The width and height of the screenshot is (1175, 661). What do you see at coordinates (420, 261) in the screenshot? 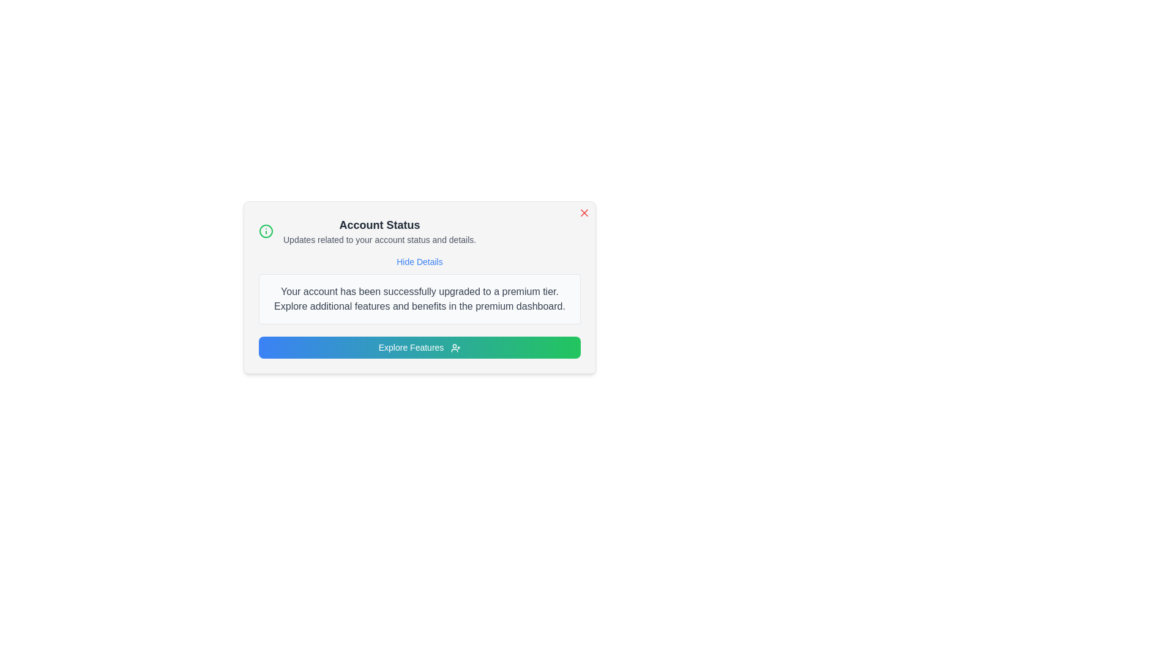
I see `the 'Hide Details' link to toggle the visibility of the details section` at bounding box center [420, 261].